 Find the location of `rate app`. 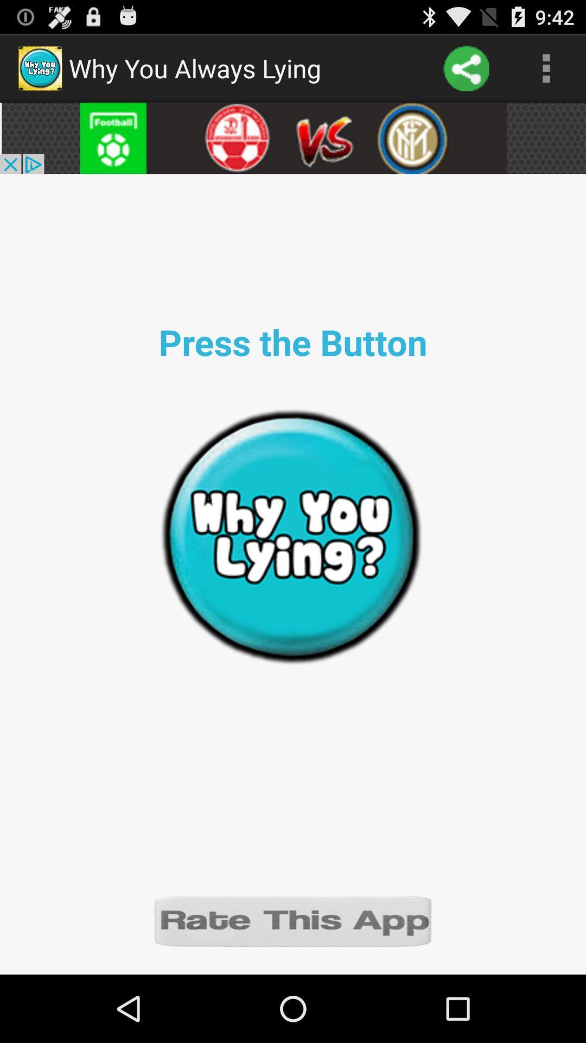

rate app is located at coordinates (293, 920).